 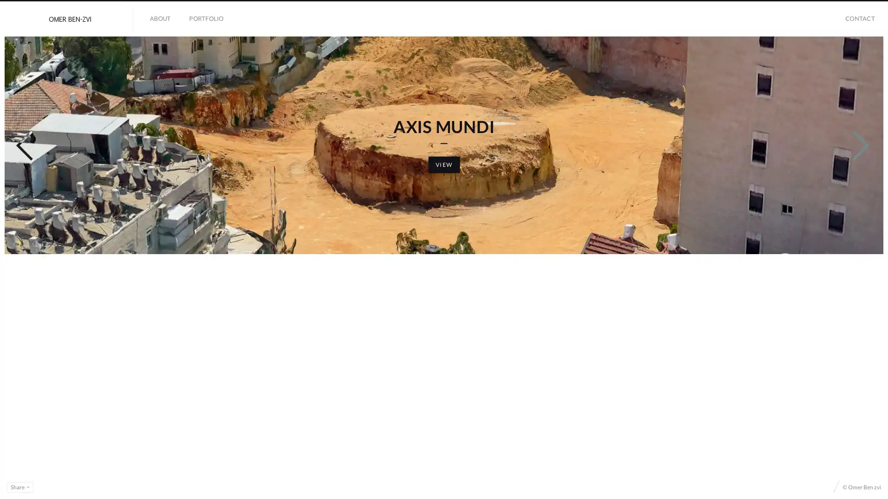 What do you see at coordinates (857, 256) in the screenshot?
I see `NEXT` at bounding box center [857, 256].